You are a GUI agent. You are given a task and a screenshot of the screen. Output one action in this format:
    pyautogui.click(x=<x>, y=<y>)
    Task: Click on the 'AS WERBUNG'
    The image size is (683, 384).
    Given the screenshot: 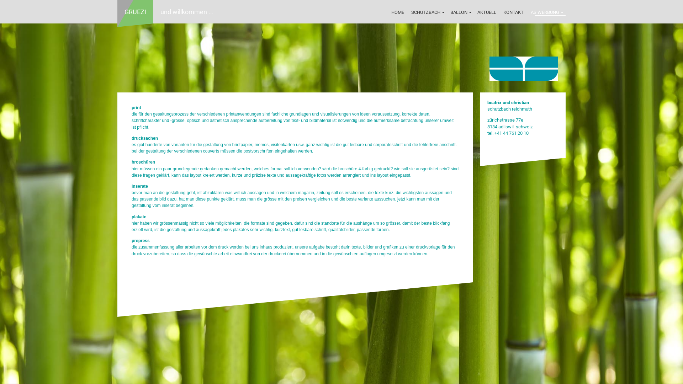 What is the action you would take?
    pyautogui.click(x=527, y=12)
    